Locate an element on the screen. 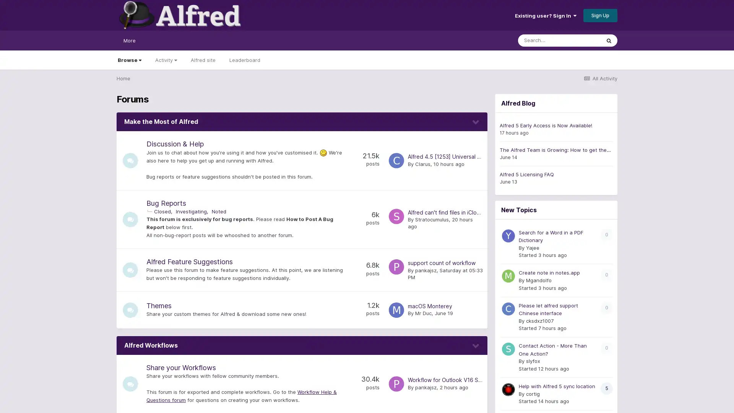 Image resolution: width=734 pixels, height=413 pixels. Search is located at coordinates (609, 40).